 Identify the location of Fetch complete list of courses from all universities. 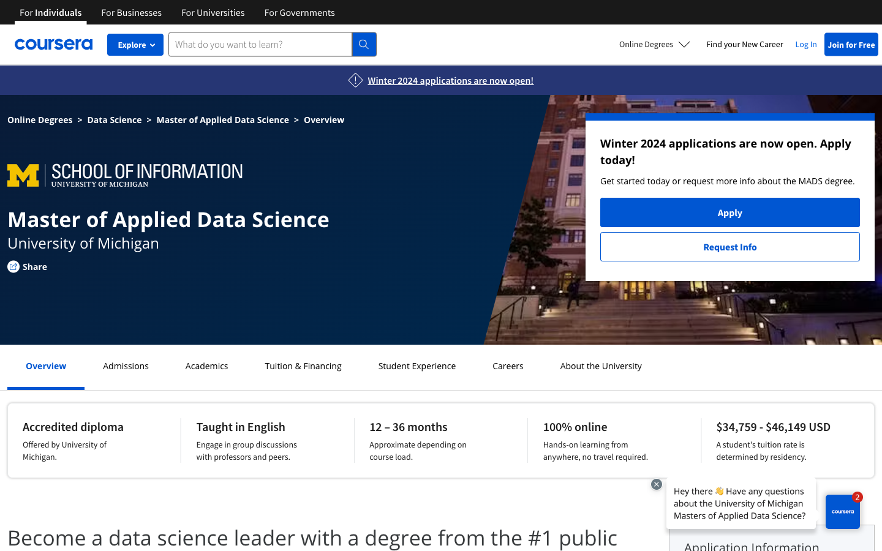
(213, 11).